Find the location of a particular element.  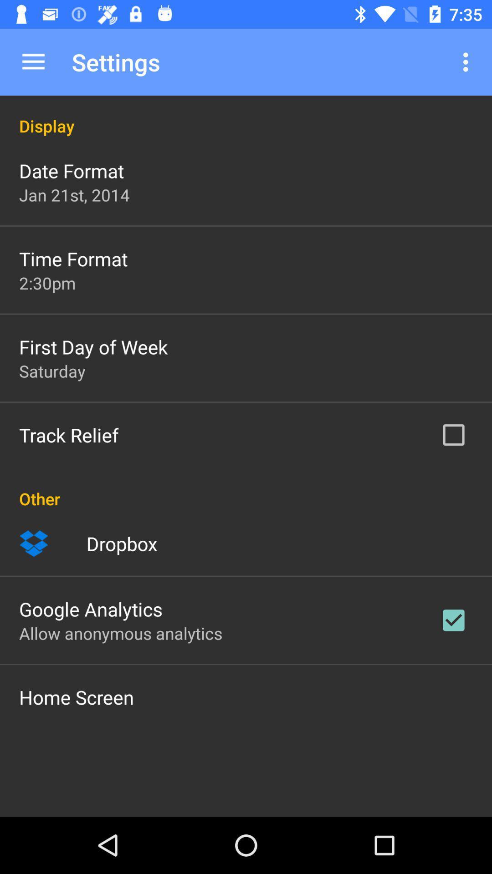

jan 21st, 2014 icon is located at coordinates (74, 194).